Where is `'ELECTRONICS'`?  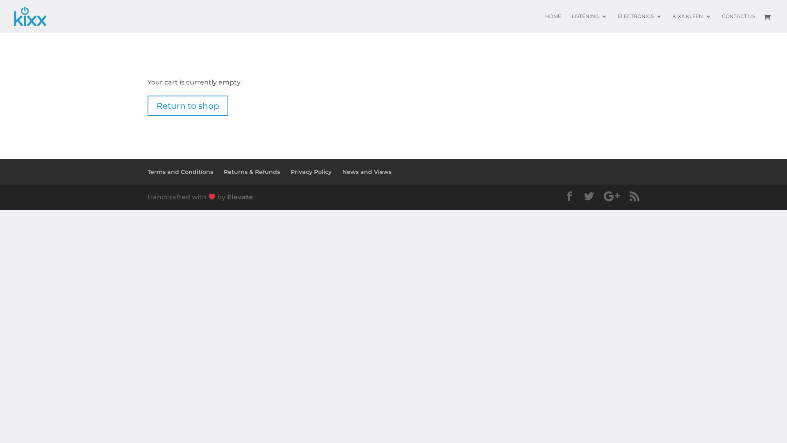 'ELECTRONICS' is located at coordinates (639, 23).